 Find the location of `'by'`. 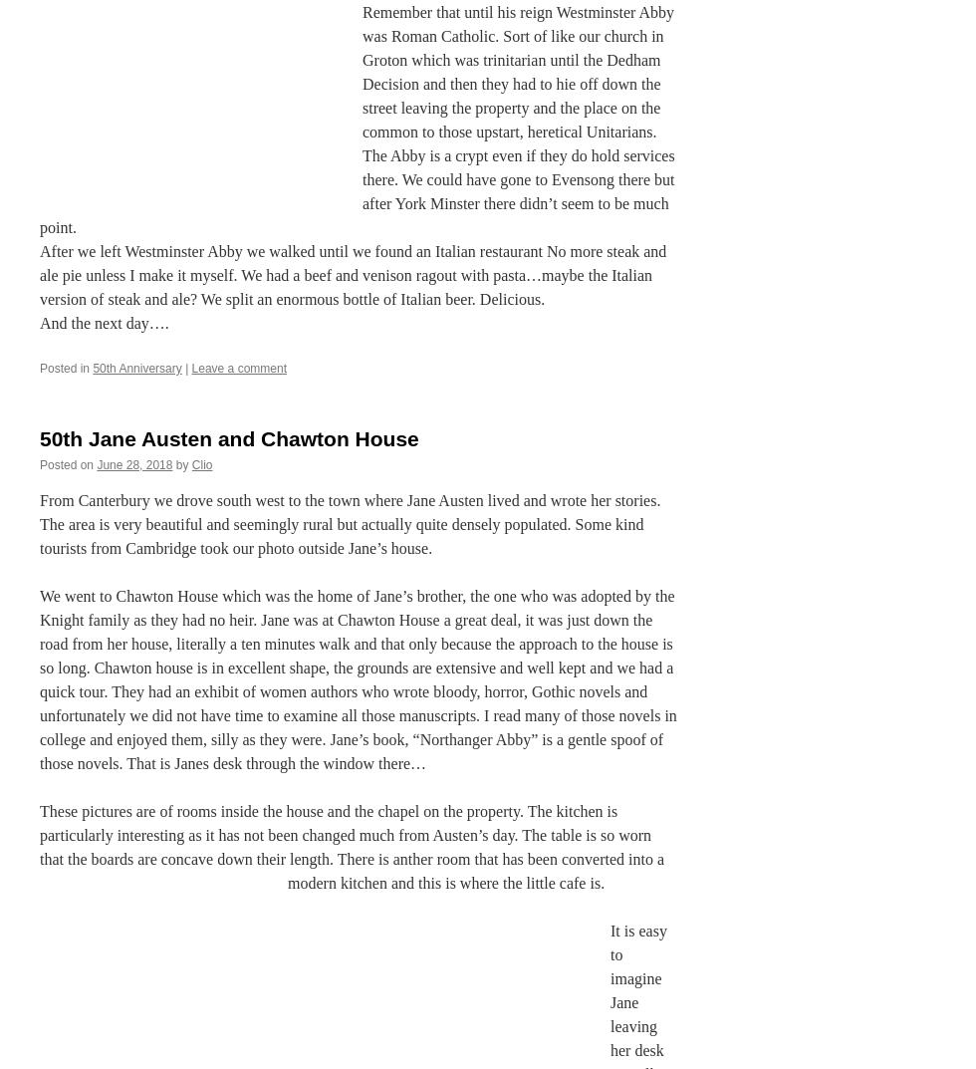

'by' is located at coordinates (181, 464).